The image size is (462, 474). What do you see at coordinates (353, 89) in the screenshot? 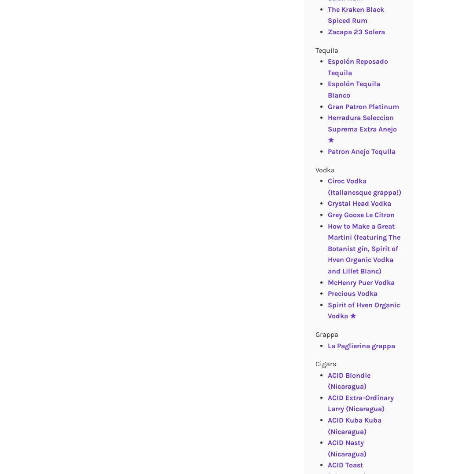
I see `'Espolón Tequila Blanco'` at bounding box center [353, 89].